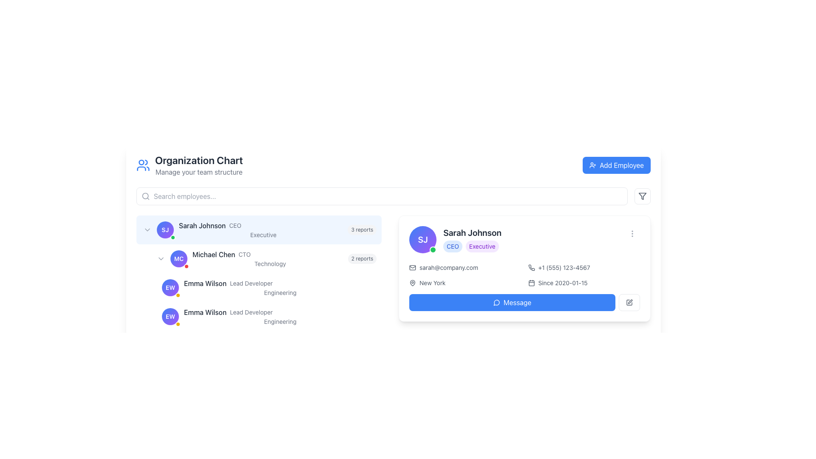 The image size is (816, 459). What do you see at coordinates (145, 196) in the screenshot?
I see `the small light gray magnifying glass icon located on the left side inside the search input field, next to the placeholder text 'Search employees...'` at bounding box center [145, 196].